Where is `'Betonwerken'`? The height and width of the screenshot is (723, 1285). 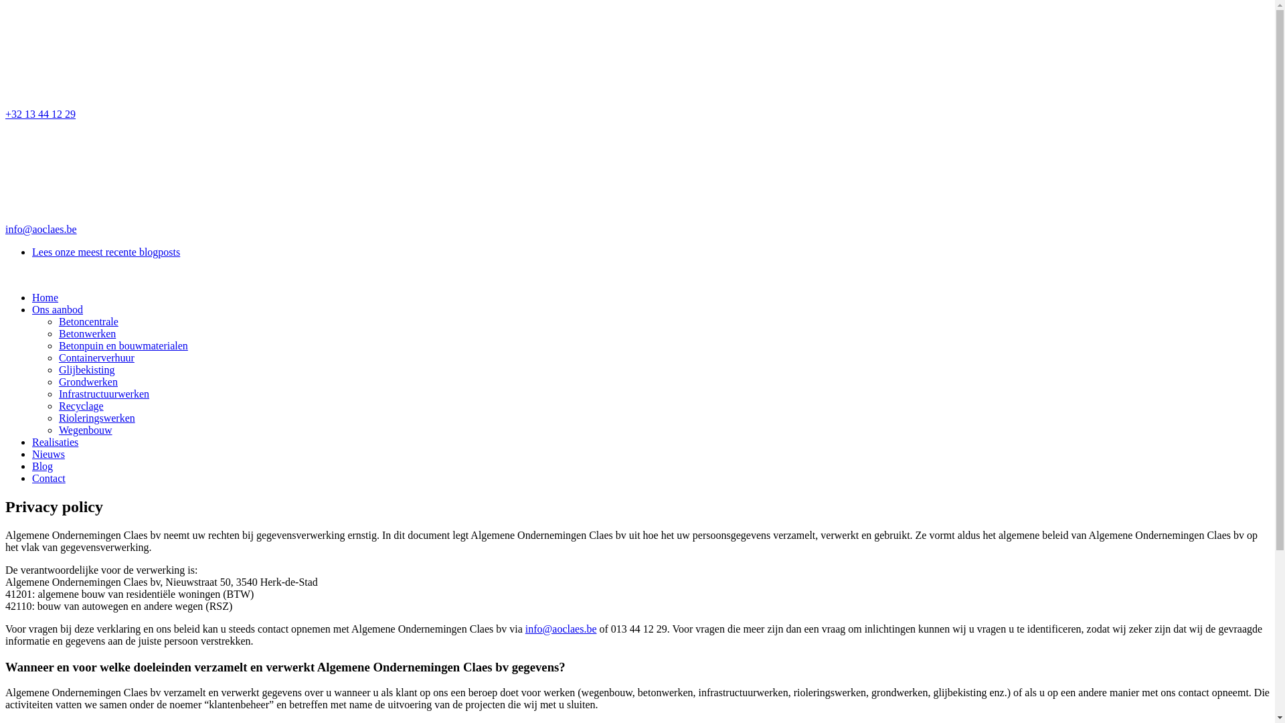 'Betonwerken' is located at coordinates (86, 333).